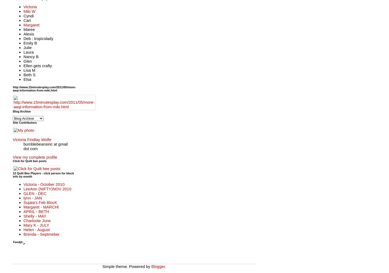 The image size is (389, 273). Describe the element at coordinates (102, 266) in the screenshot. I see `'Simple theme. Powered by'` at that location.